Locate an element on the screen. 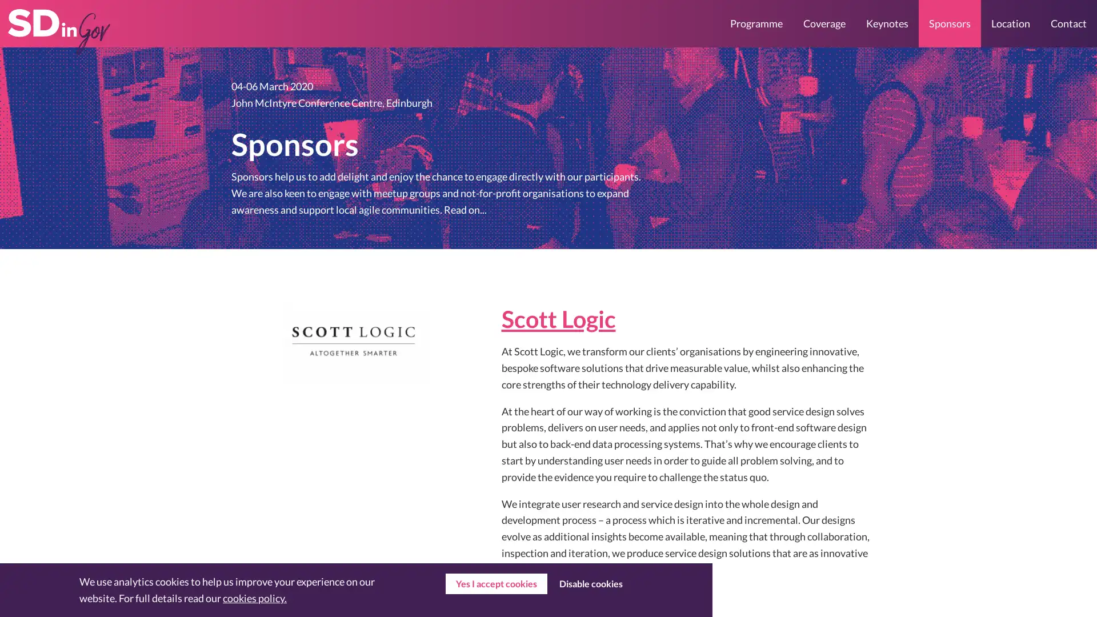 The width and height of the screenshot is (1097, 617). Disable cookies is located at coordinates (590, 584).